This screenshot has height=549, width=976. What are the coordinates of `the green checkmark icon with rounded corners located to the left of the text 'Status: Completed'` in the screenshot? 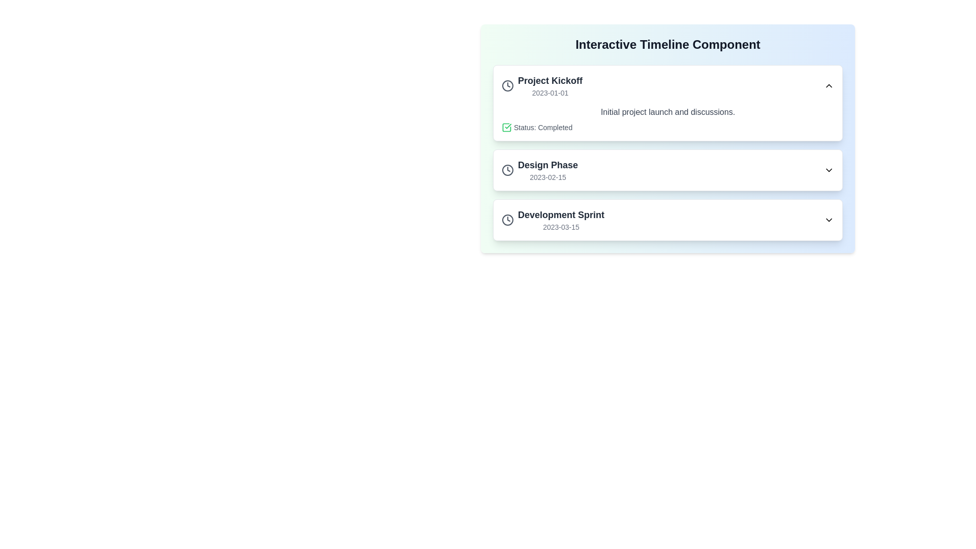 It's located at (507, 127).